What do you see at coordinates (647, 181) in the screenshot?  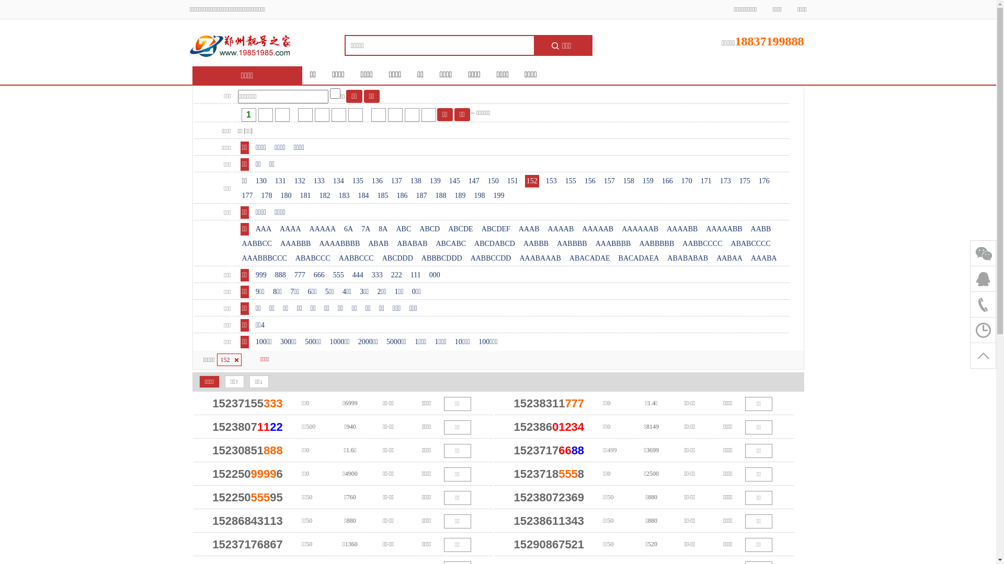 I see `'159'` at bounding box center [647, 181].